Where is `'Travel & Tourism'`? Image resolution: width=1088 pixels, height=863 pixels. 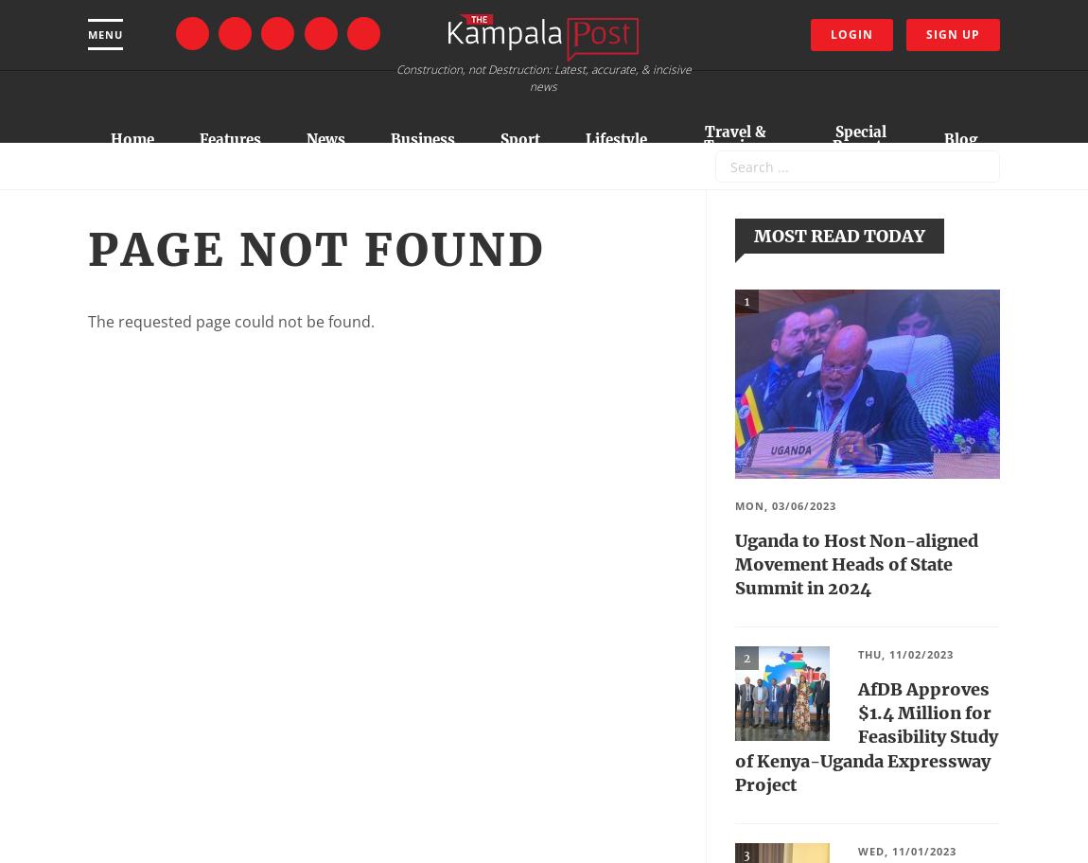
'Travel & Tourism' is located at coordinates (702, 138).